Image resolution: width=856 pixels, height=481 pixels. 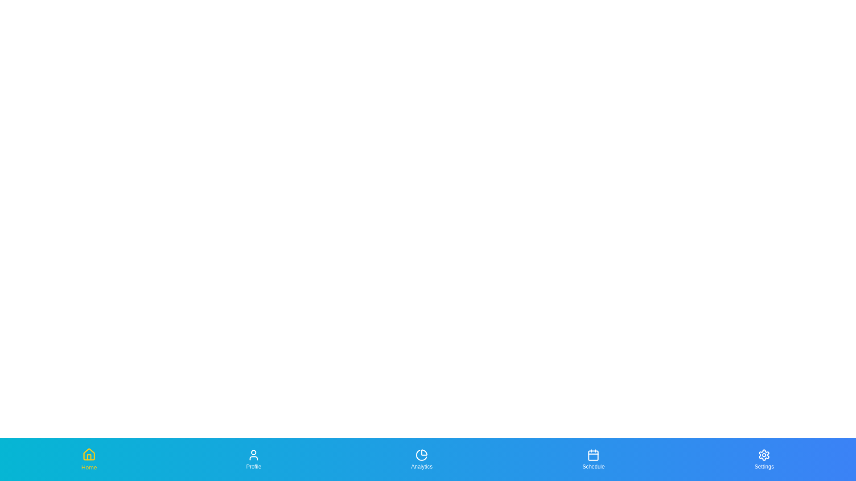 What do you see at coordinates (763, 460) in the screenshot?
I see `the tab labeled Settings to focus on it` at bounding box center [763, 460].